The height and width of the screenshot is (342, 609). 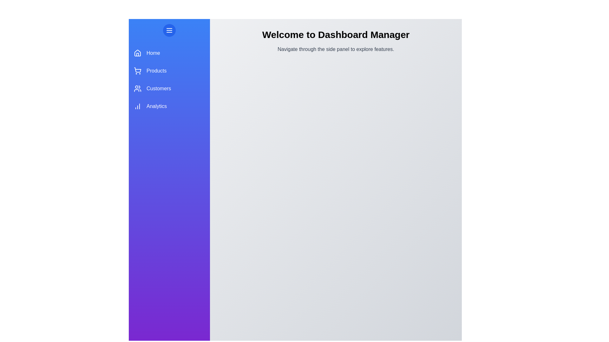 I want to click on the sidebar section Home, so click(x=169, y=53).